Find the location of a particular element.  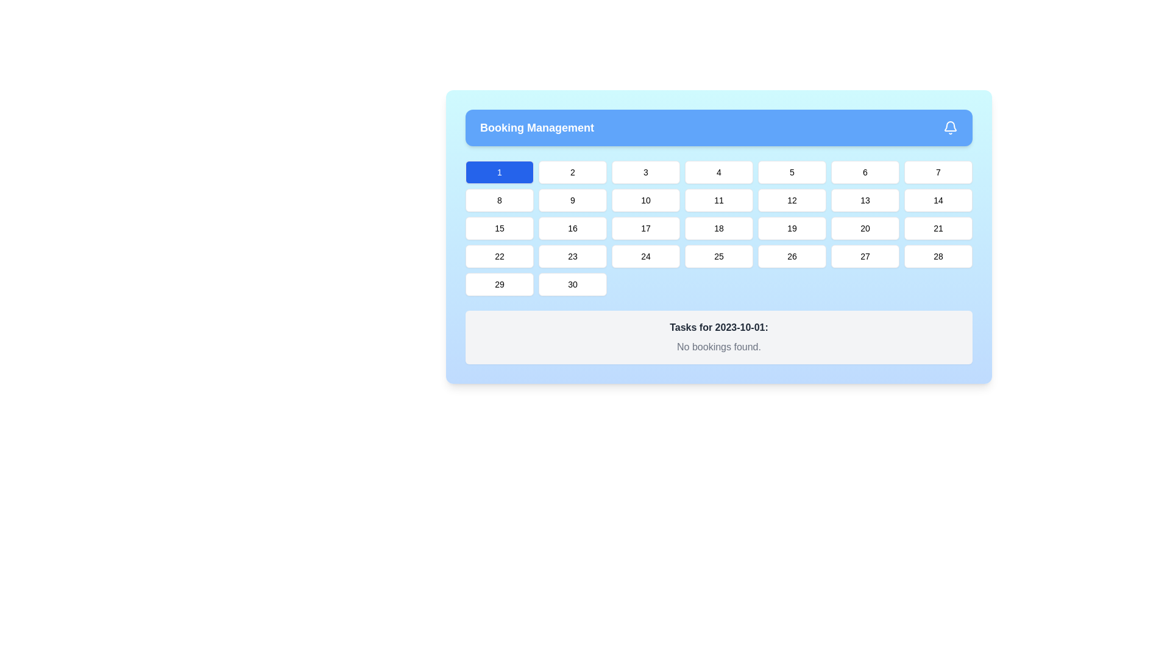

the button labeled '27' which is a white square with rounded corners located in the sixth column and fourth row of a 7-column grid layout is located at coordinates (865, 255).